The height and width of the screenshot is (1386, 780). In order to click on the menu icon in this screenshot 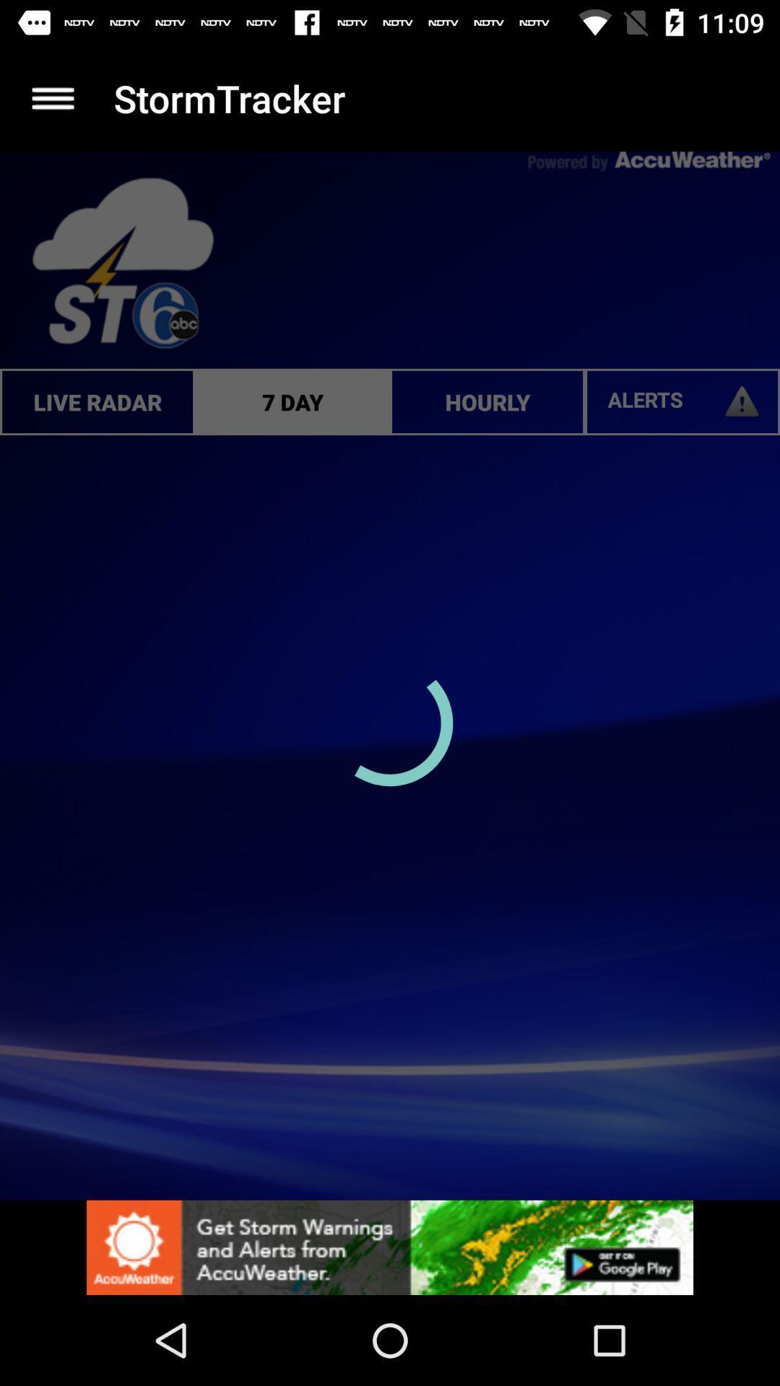, I will do `click(52, 97)`.